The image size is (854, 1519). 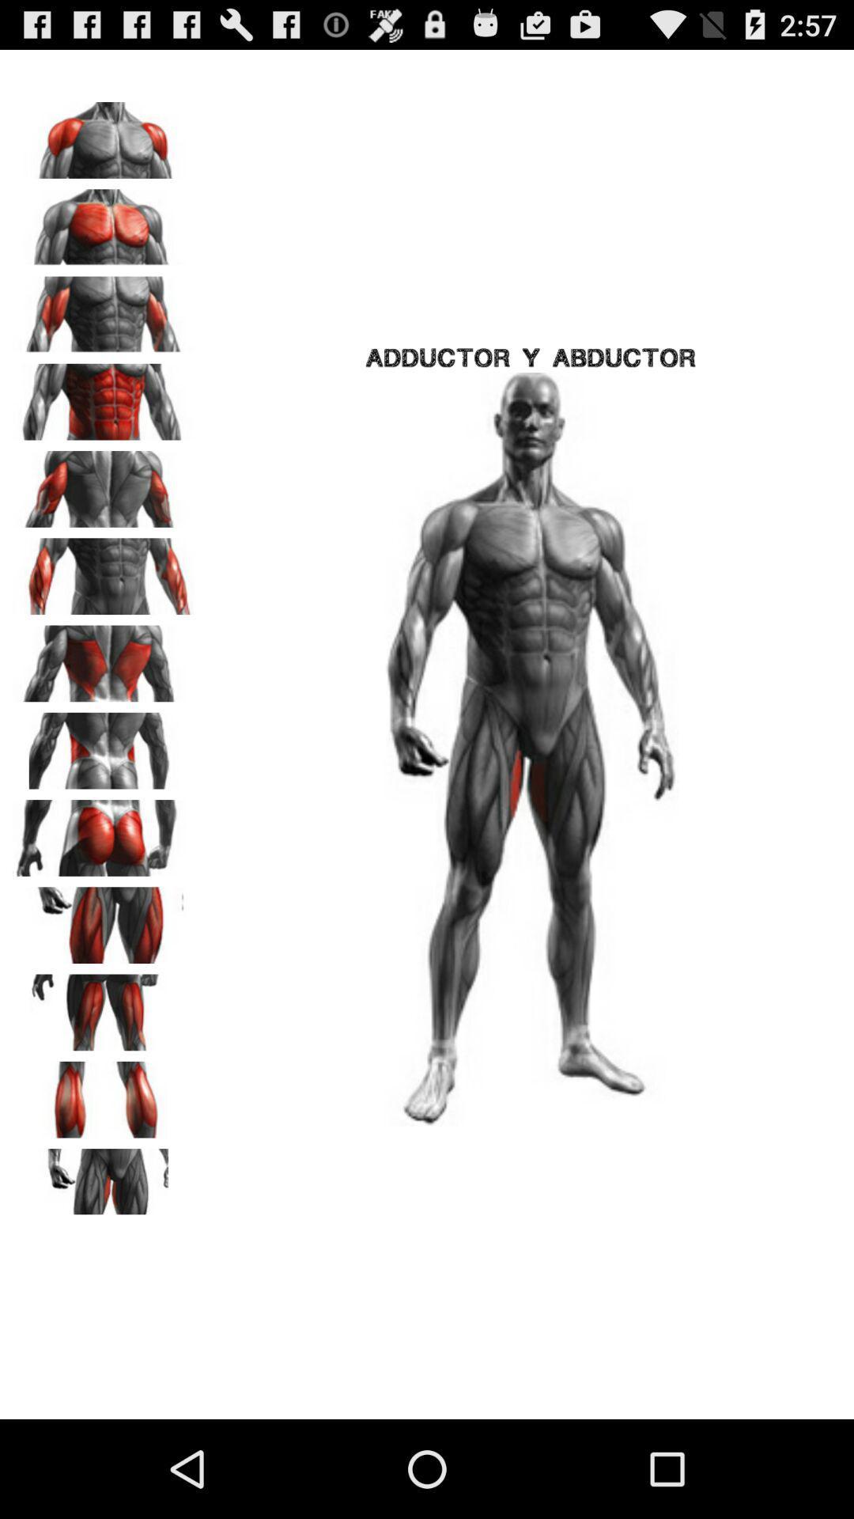 I want to click on biceps, so click(x=104, y=309).